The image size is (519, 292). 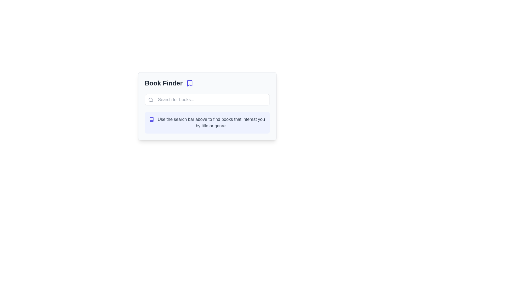 I want to click on the magnifying glass icon representing the search function, which is located adjacent to the search box and has a gray stroke, so click(x=151, y=100).